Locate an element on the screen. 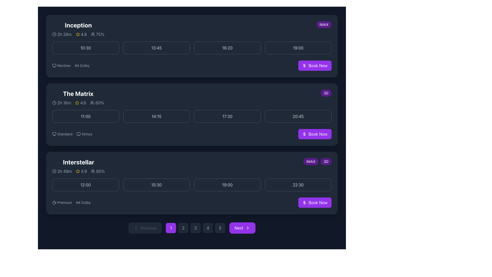  the button displaying the time '12:00' in the 'Interstellar' section is located at coordinates (86, 185).